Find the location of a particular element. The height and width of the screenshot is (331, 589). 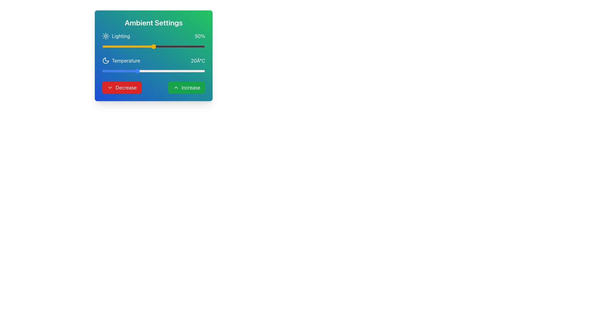

the 'Decrease' button located in the bottom-left corner of the 'Ambient Settings' card interface is located at coordinates (122, 87).